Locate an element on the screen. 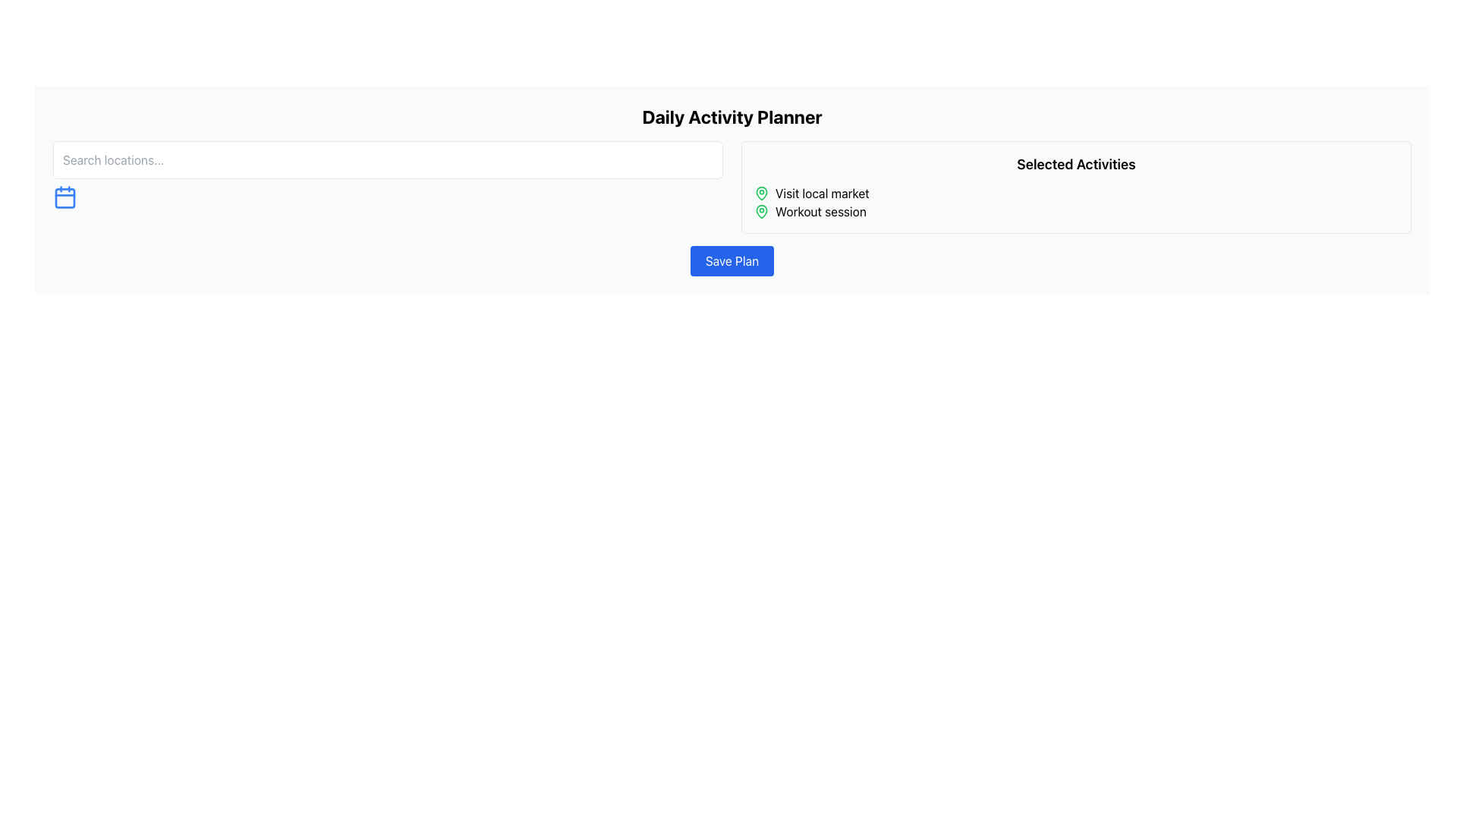 This screenshot has height=820, width=1457. the blue calendar icon button located below the 'Search locations...' input bar is located at coordinates (65, 196).